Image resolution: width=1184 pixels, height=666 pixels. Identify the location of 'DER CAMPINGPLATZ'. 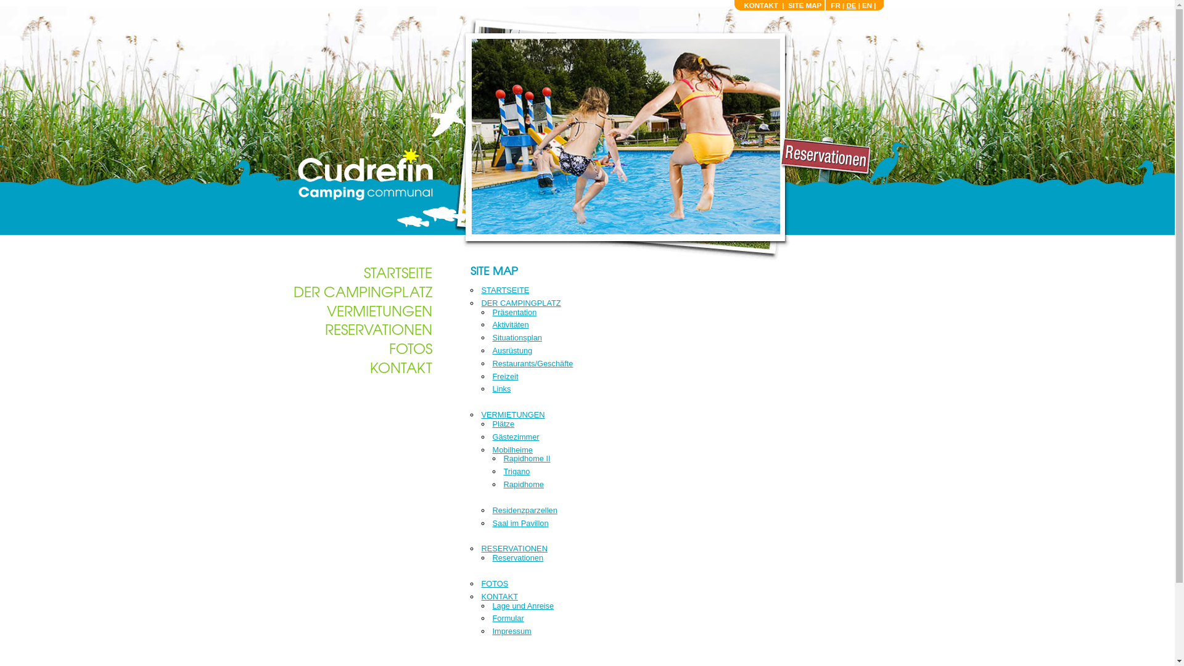
(362, 290).